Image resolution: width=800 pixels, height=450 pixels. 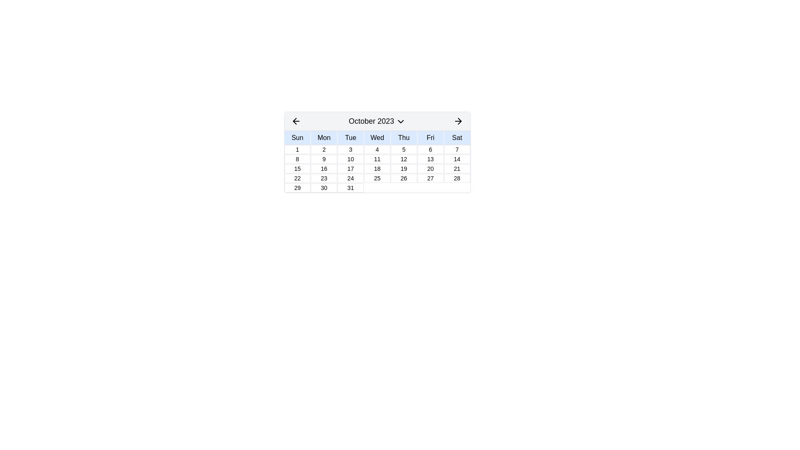 What do you see at coordinates (401, 122) in the screenshot?
I see `the dropdown trigger icon located to the right of the 'October 2023' text` at bounding box center [401, 122].